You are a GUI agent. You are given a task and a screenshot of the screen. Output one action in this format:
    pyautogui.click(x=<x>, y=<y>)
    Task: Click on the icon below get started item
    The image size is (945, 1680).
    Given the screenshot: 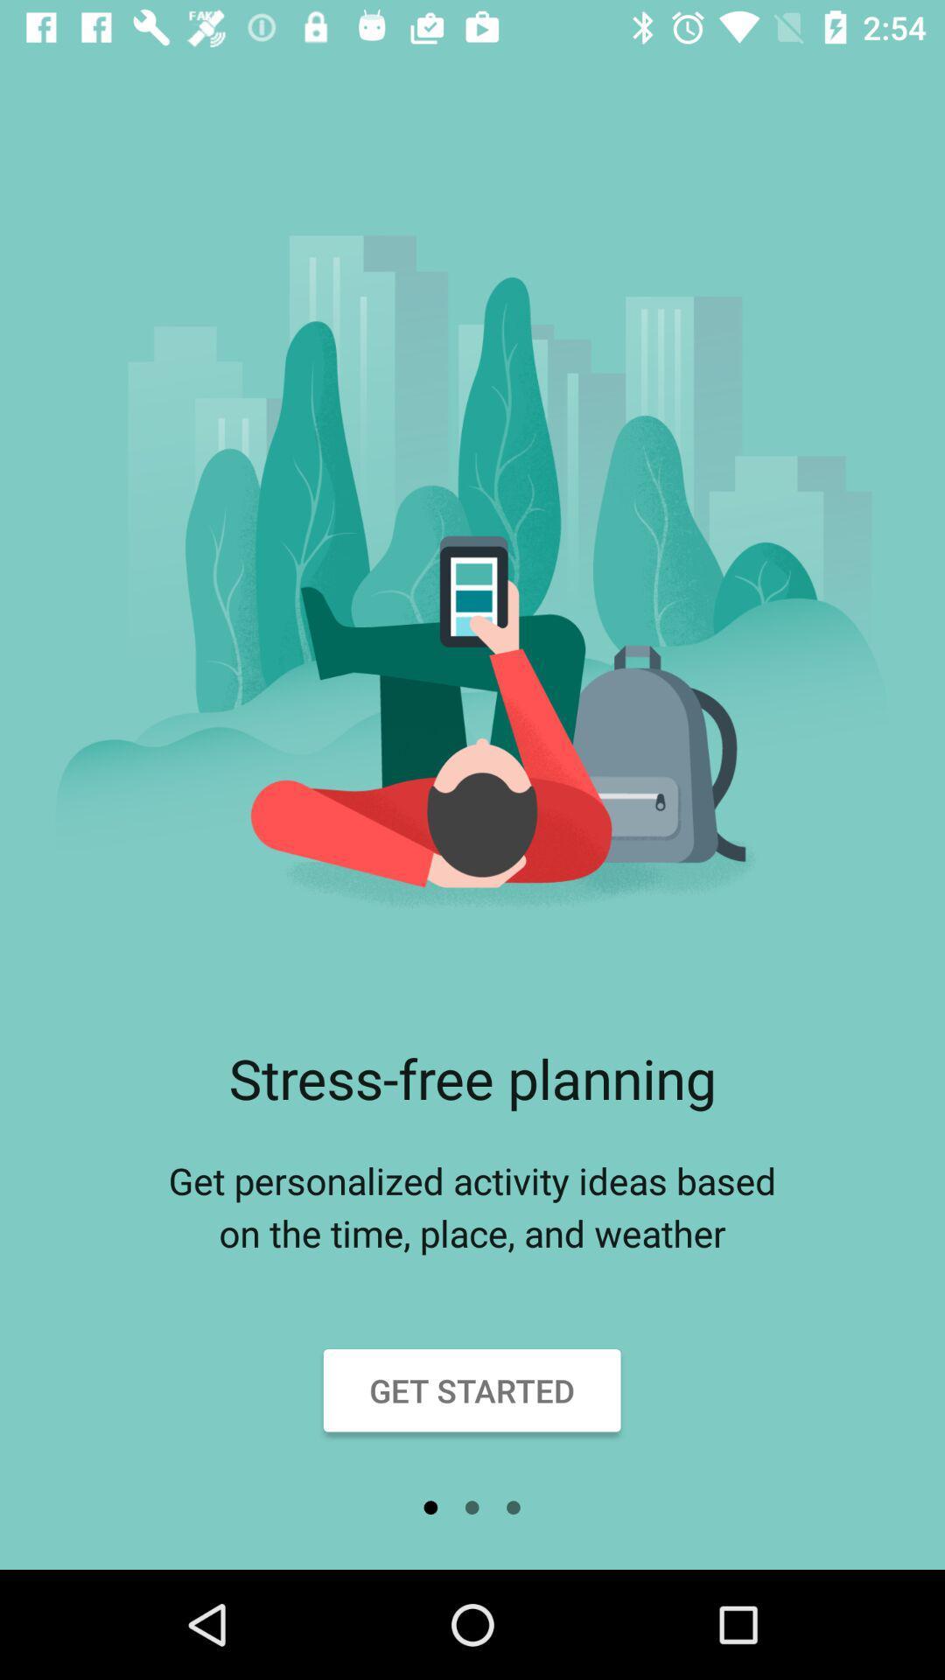 What is the action you would take?
    pyautogui.click(x=430, y=1507)
    